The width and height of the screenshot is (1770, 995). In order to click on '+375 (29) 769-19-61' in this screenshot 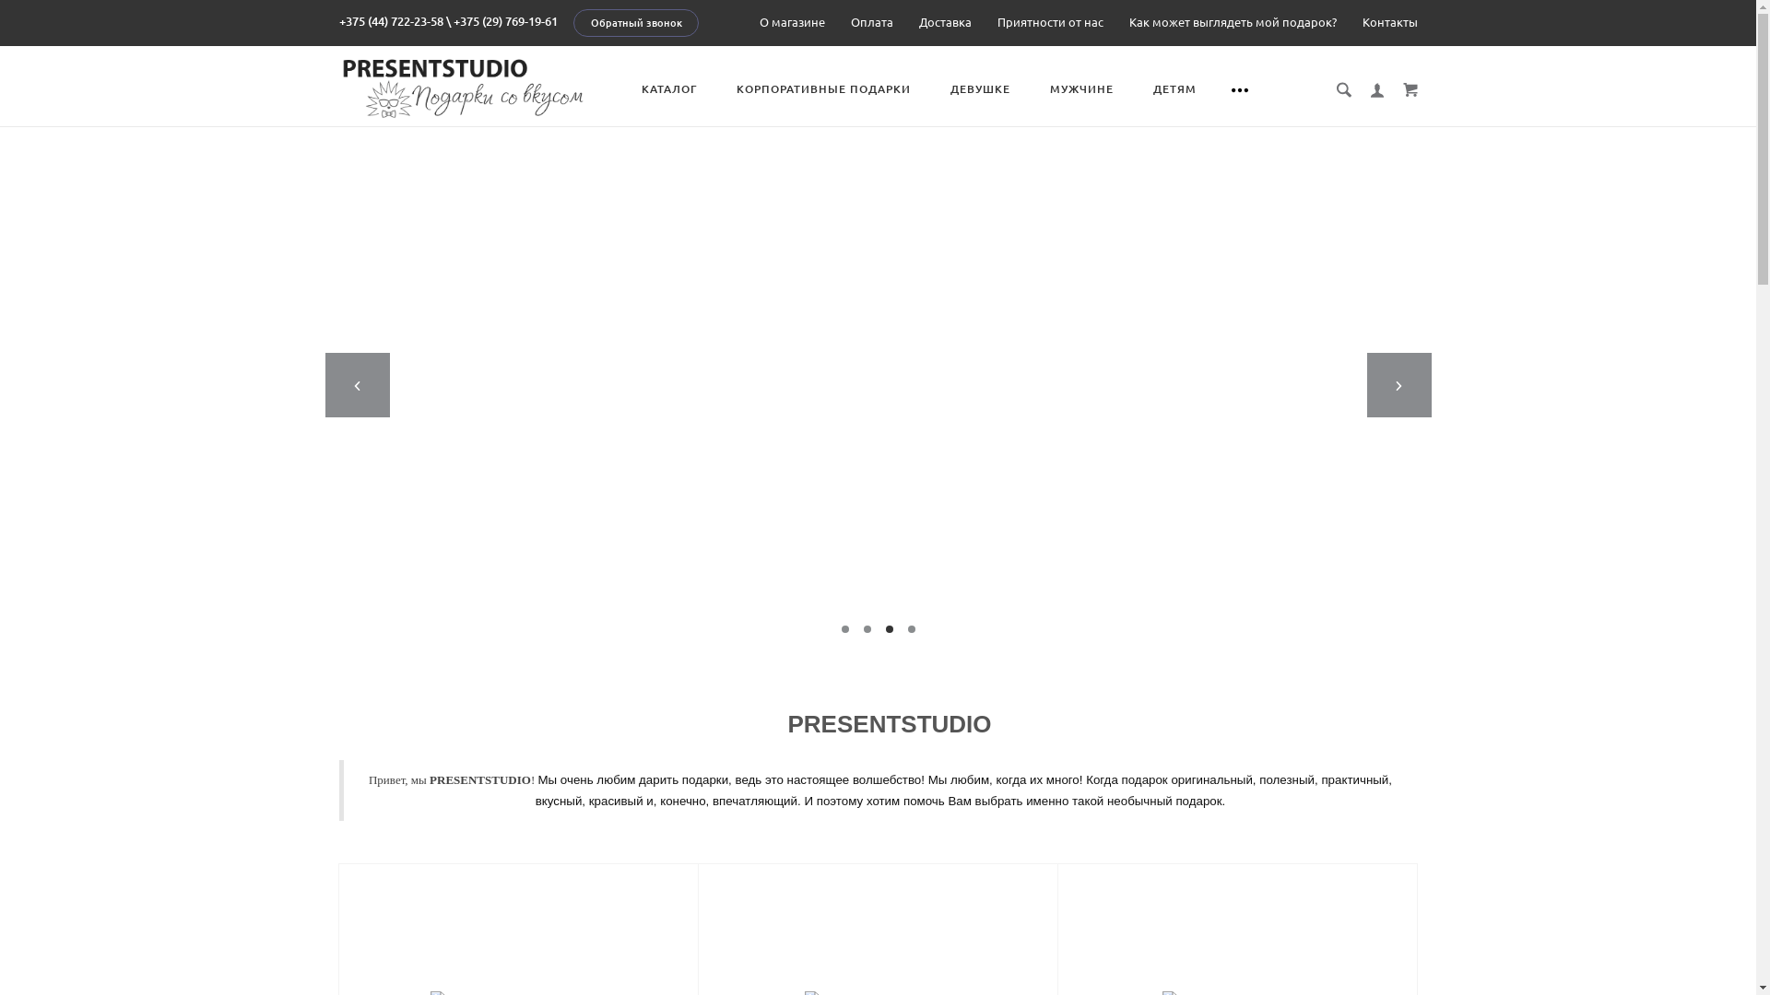, I will do `click(505, 21)`.